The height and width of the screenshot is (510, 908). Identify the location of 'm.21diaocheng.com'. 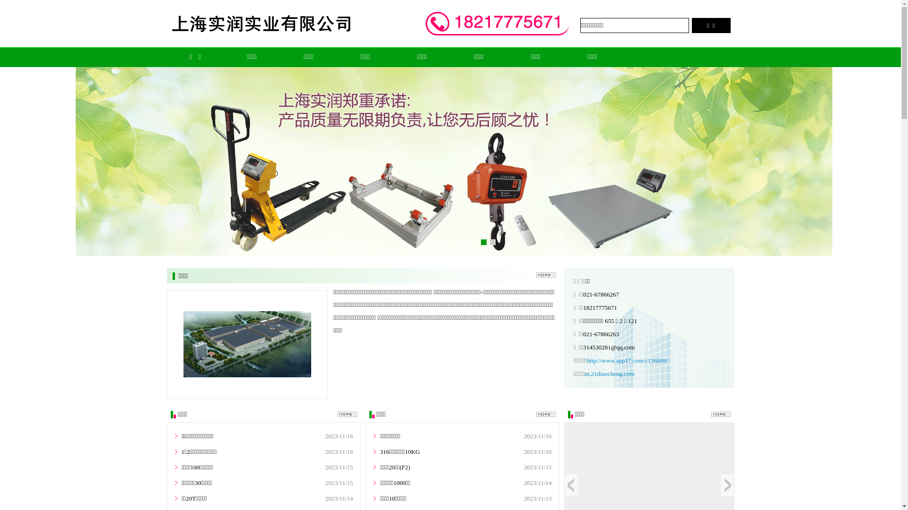
(609, 373).